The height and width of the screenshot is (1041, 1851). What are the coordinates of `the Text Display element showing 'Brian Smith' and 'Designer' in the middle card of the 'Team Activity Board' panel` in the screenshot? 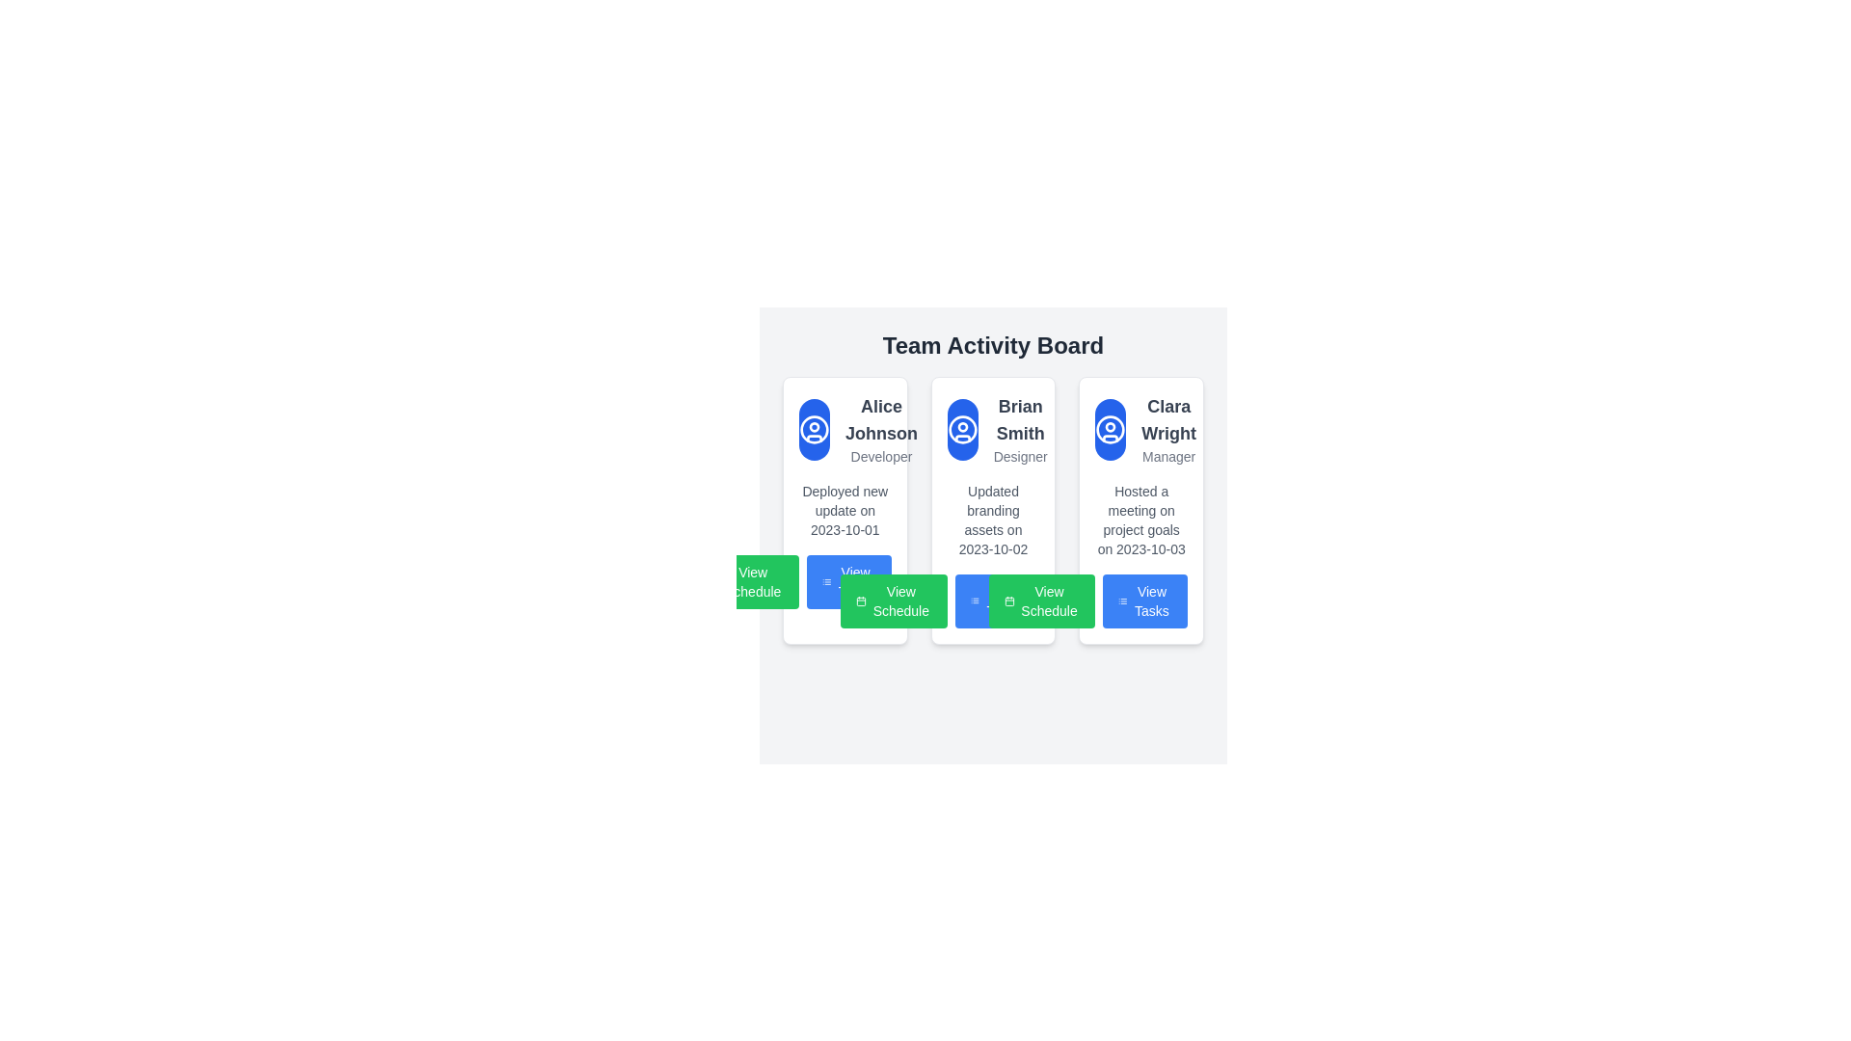 It's located at (1019, 429).